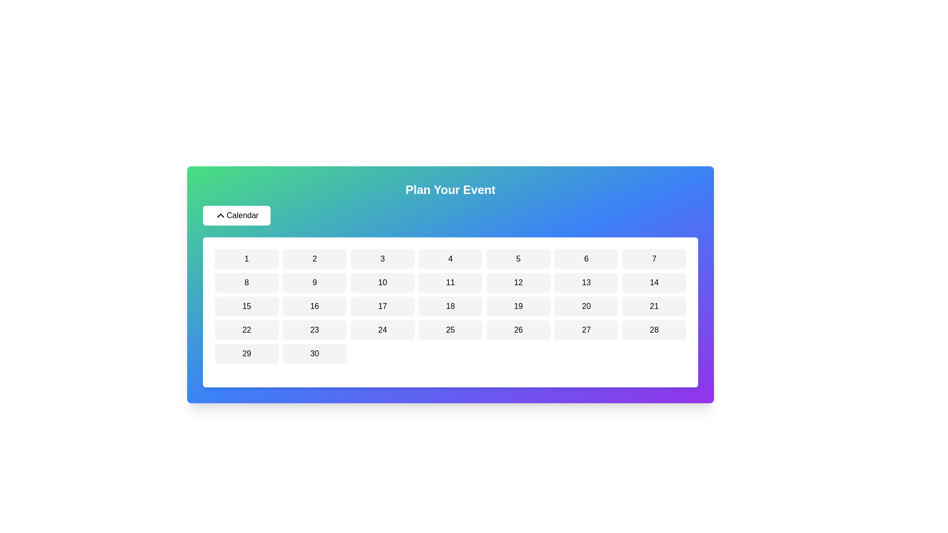 The width and height of the screenshot is (948, 533). I want to click on the rectangular button with a light gray background labeled '4', so click(450, 258).